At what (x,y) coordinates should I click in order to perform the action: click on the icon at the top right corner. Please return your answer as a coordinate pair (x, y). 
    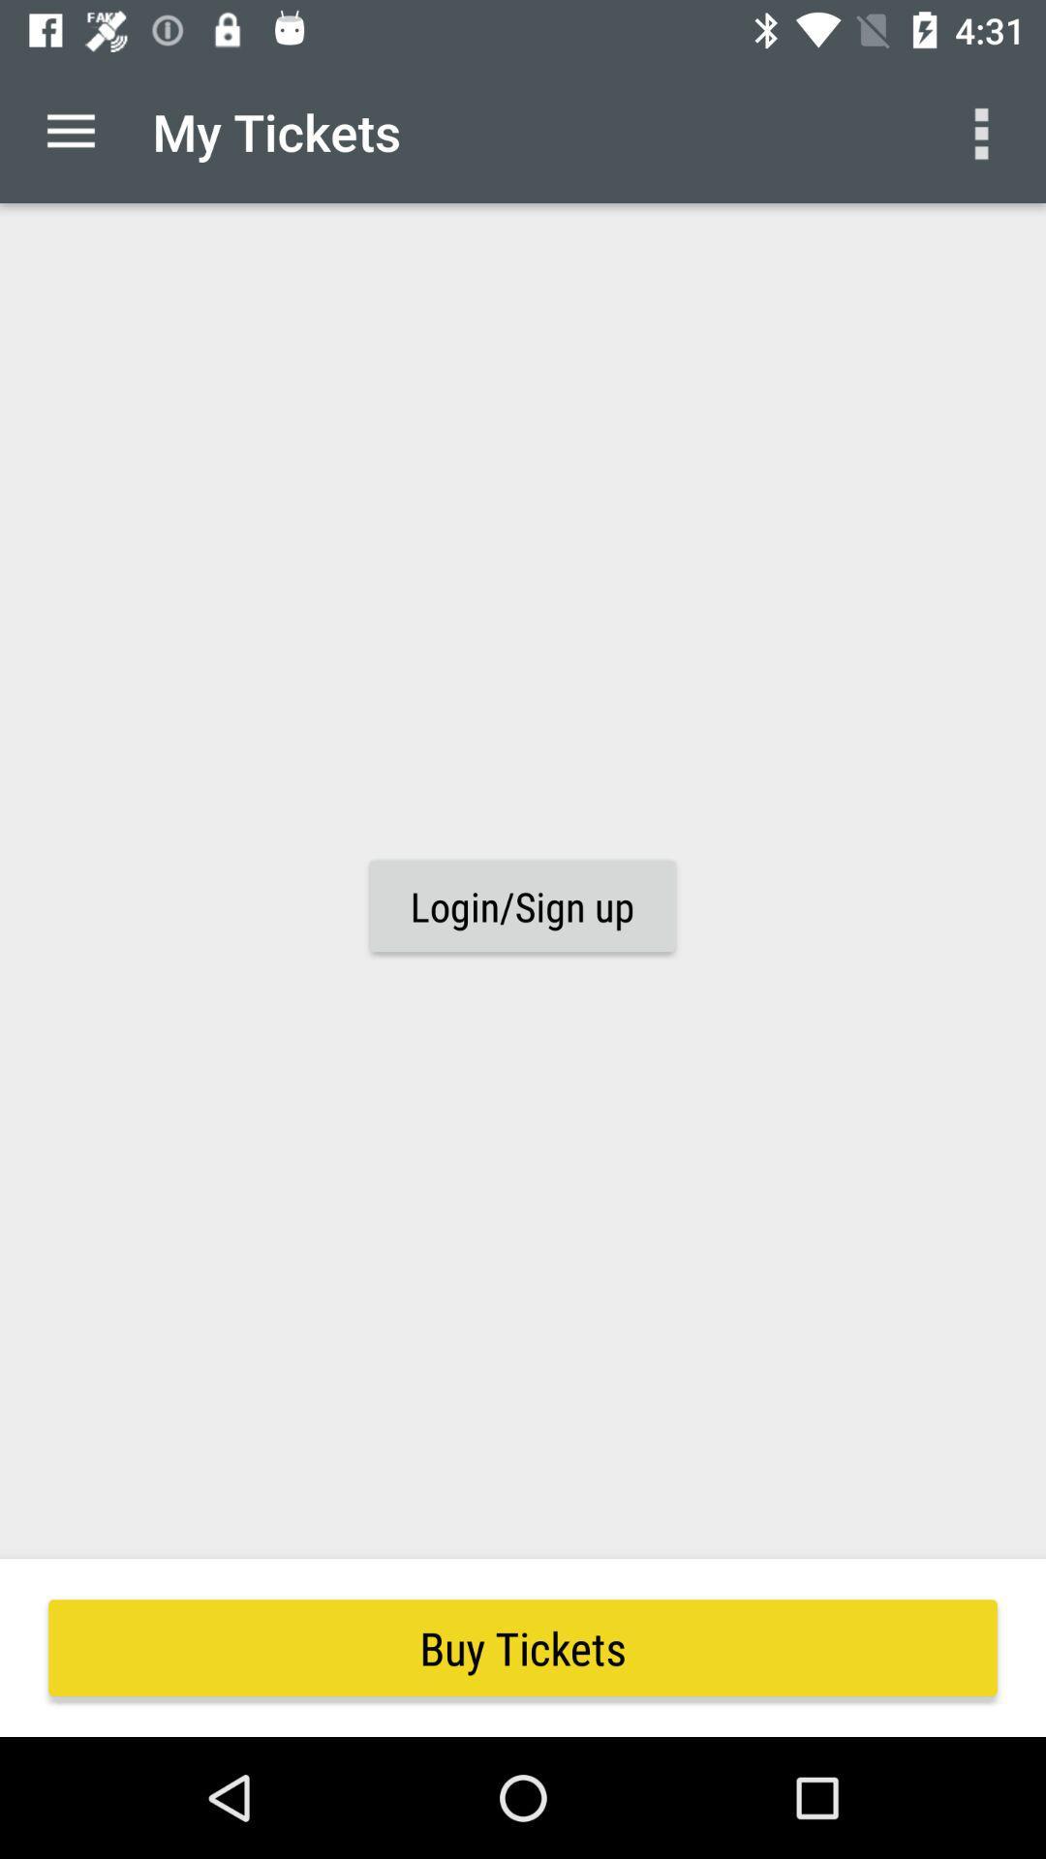
    Looking at the image, I should click on (985, 131).